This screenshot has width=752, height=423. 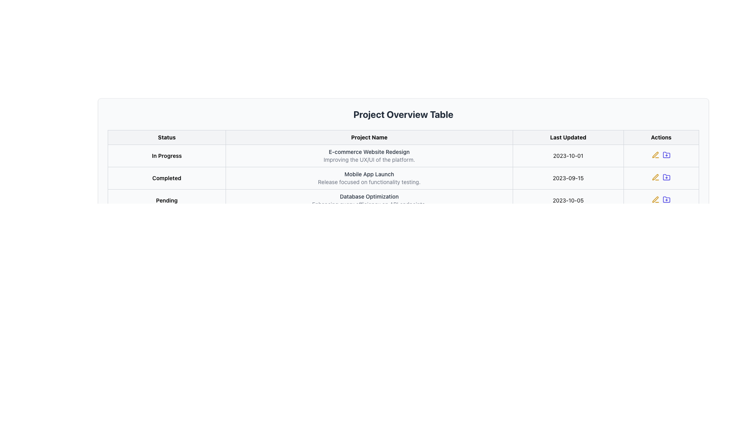 What do you see at coordinates (369, 178) in the screenshot?
I see `the text element that describes the project named 'Mobile App Launch', located in the second cell of the 'Project Name' column in the 'Completed' row` at bounding box center [369, 178].